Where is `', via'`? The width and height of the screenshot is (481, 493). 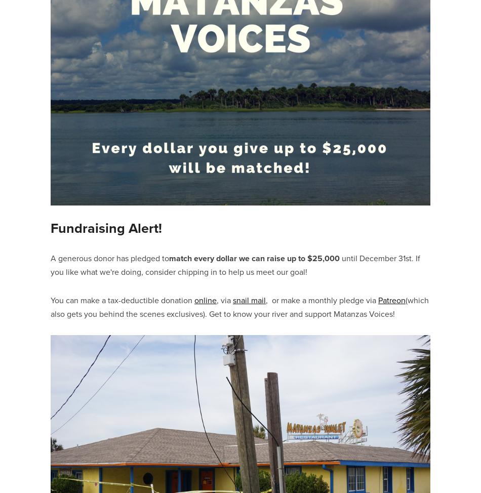 ', via' is located at coordinates (224, 299).